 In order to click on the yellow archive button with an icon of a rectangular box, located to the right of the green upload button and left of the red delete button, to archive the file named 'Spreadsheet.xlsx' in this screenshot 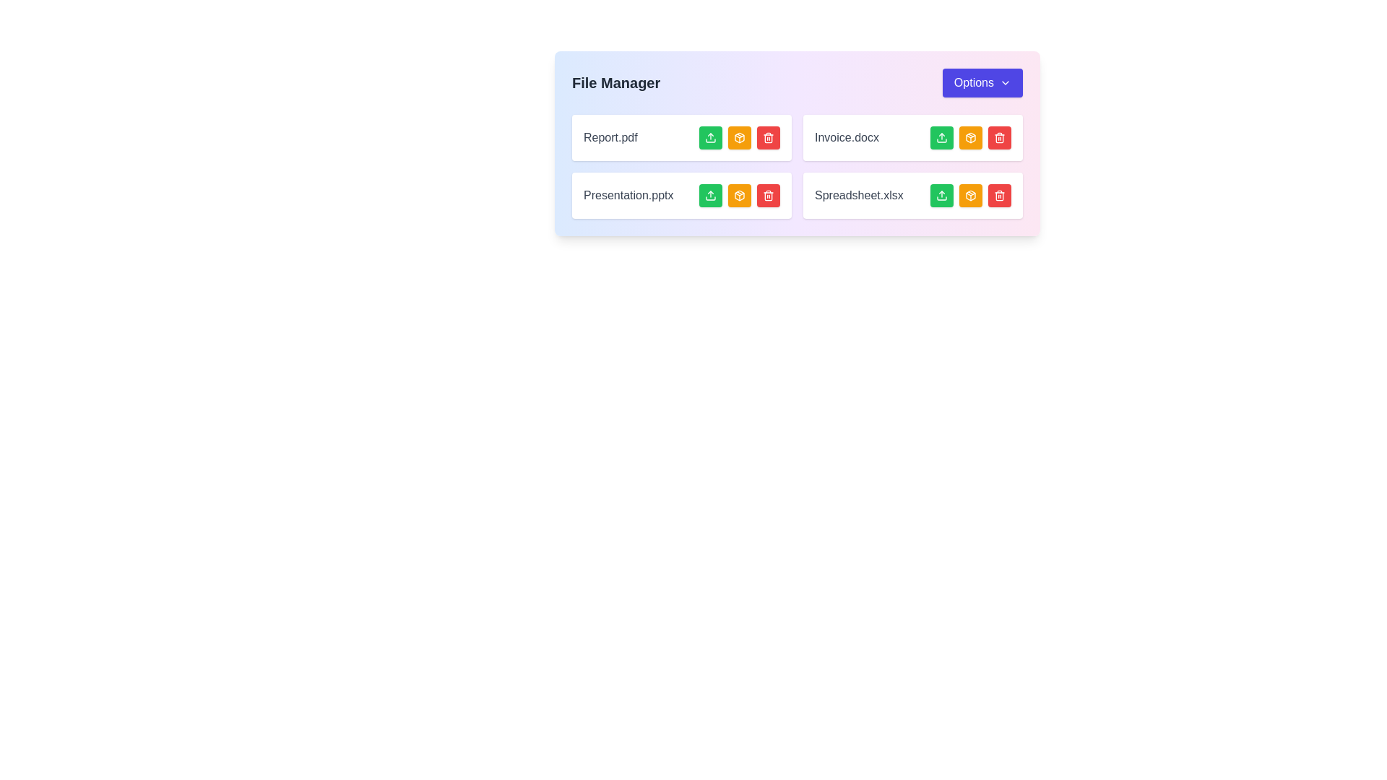, I will do `click(971, 195)`.